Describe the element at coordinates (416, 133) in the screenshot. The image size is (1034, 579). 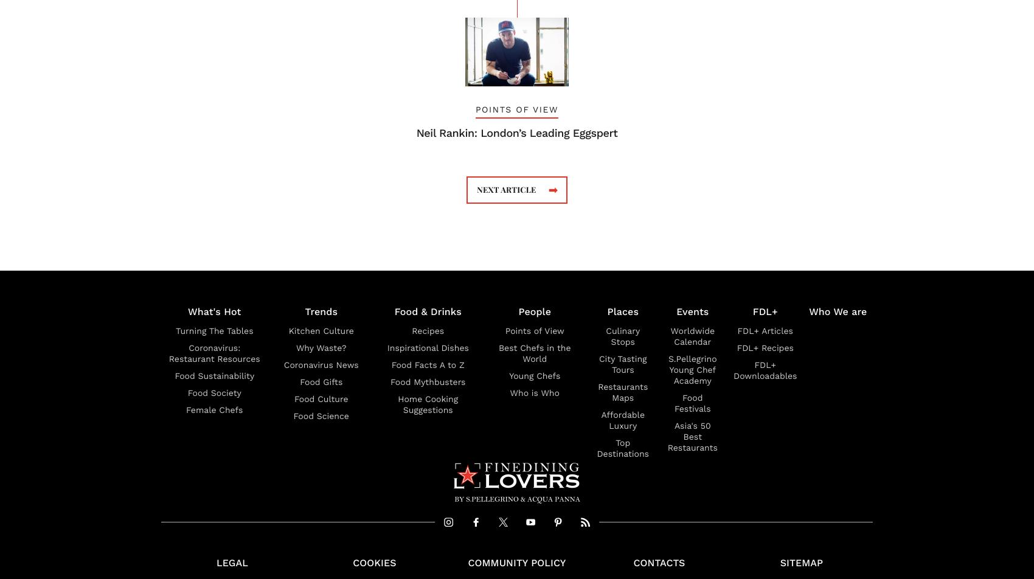
I see `'Neil Rankin: London’s Leading Eggspert'` at that location.